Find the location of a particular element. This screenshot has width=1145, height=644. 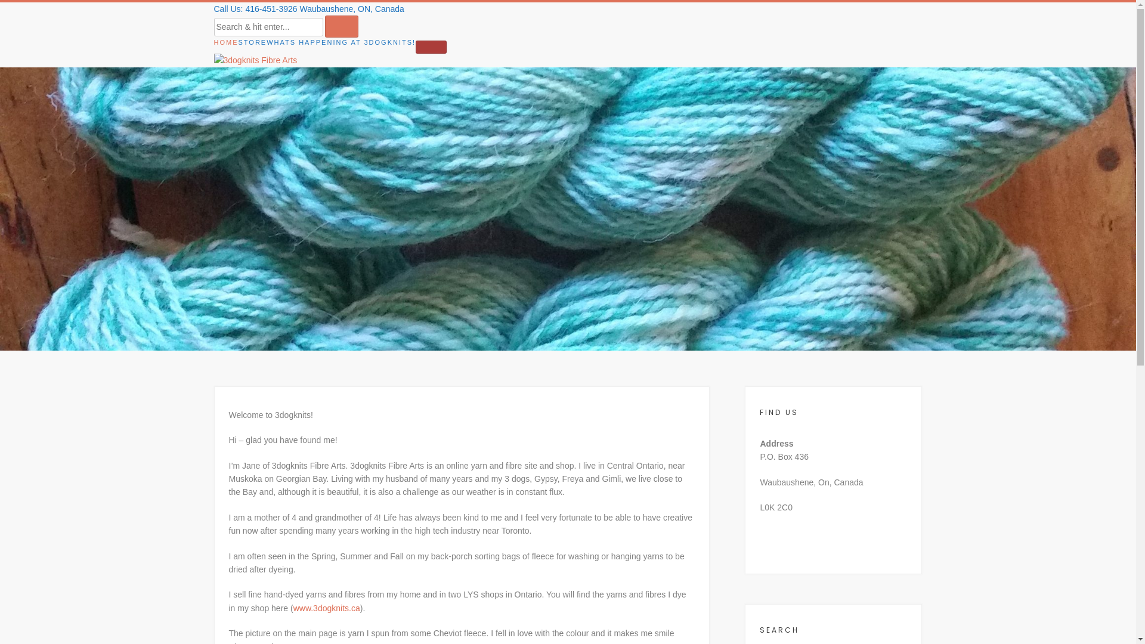

'WHATS HAPPENING AT 3DOGKNITS!' is located at coordinates (265, 42).